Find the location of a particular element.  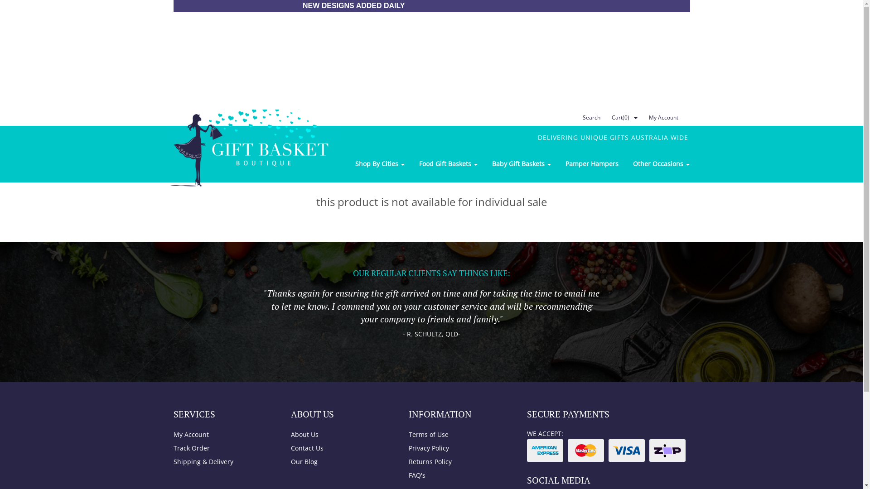

'Track Order' is located at coordinates (222, 448).